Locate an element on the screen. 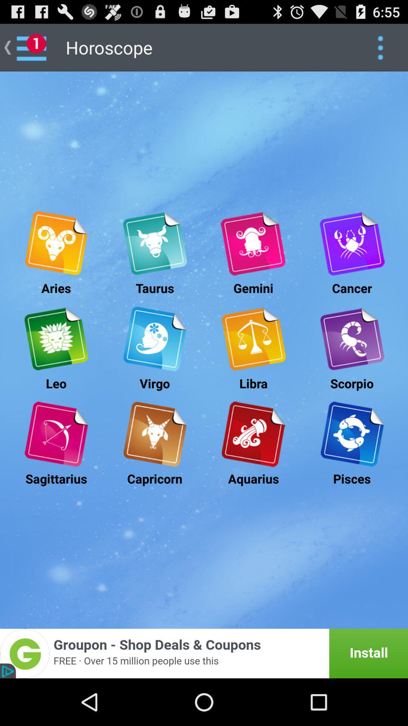  numerlogy sympols to kumbapam rasi is located at coordinates (253, 434).